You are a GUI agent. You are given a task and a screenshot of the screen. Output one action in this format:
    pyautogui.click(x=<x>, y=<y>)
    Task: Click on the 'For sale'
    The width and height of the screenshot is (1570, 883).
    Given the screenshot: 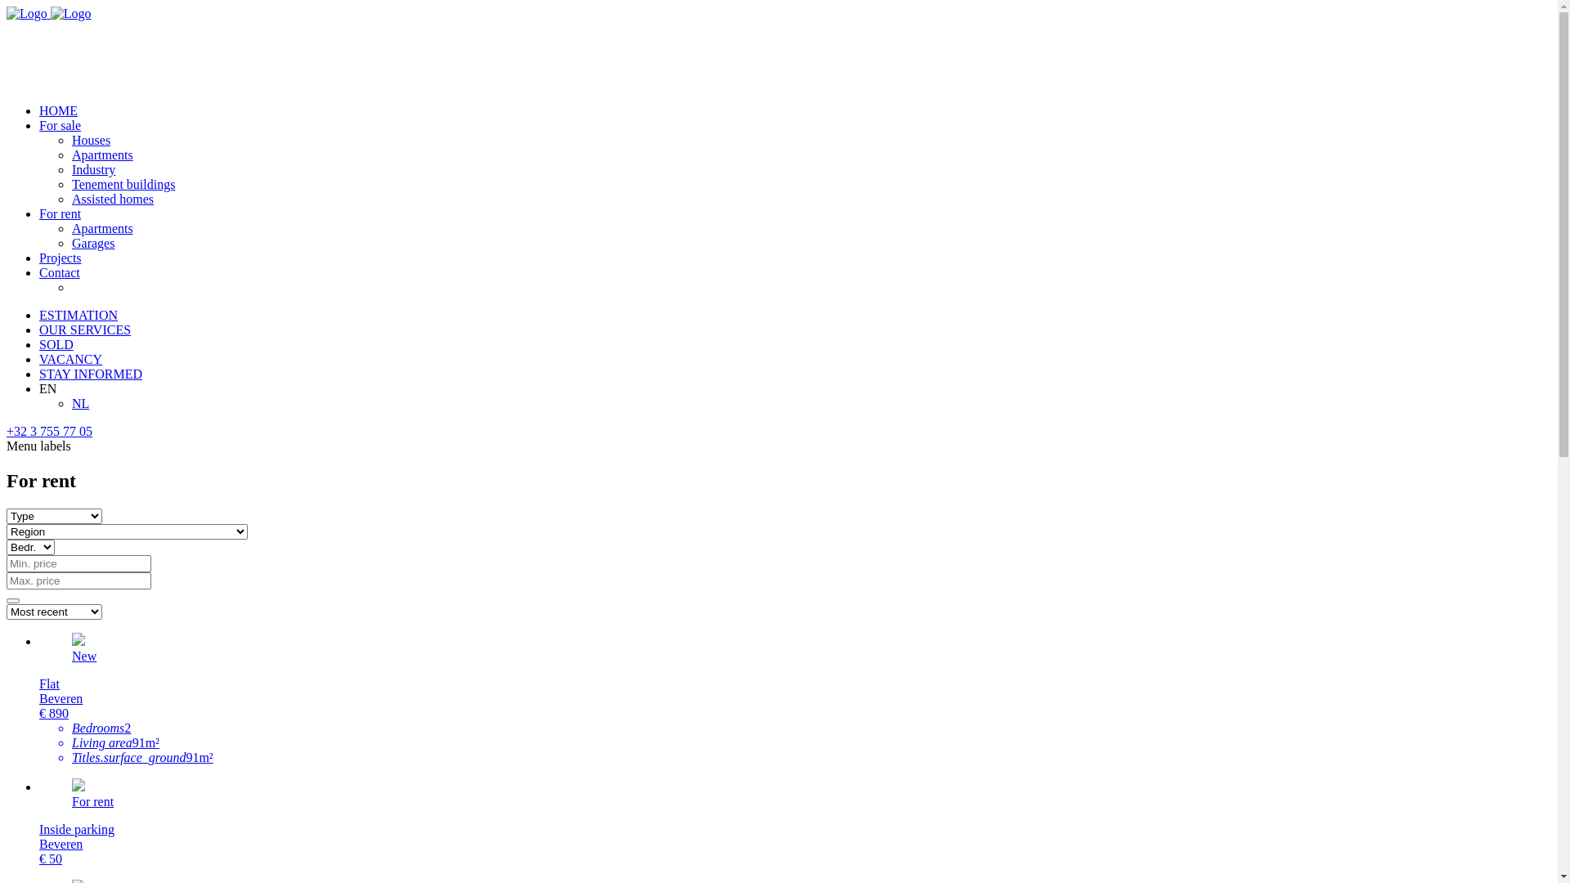 What is the action you would take?
    pyautogui.click(x=60, y=124)
    